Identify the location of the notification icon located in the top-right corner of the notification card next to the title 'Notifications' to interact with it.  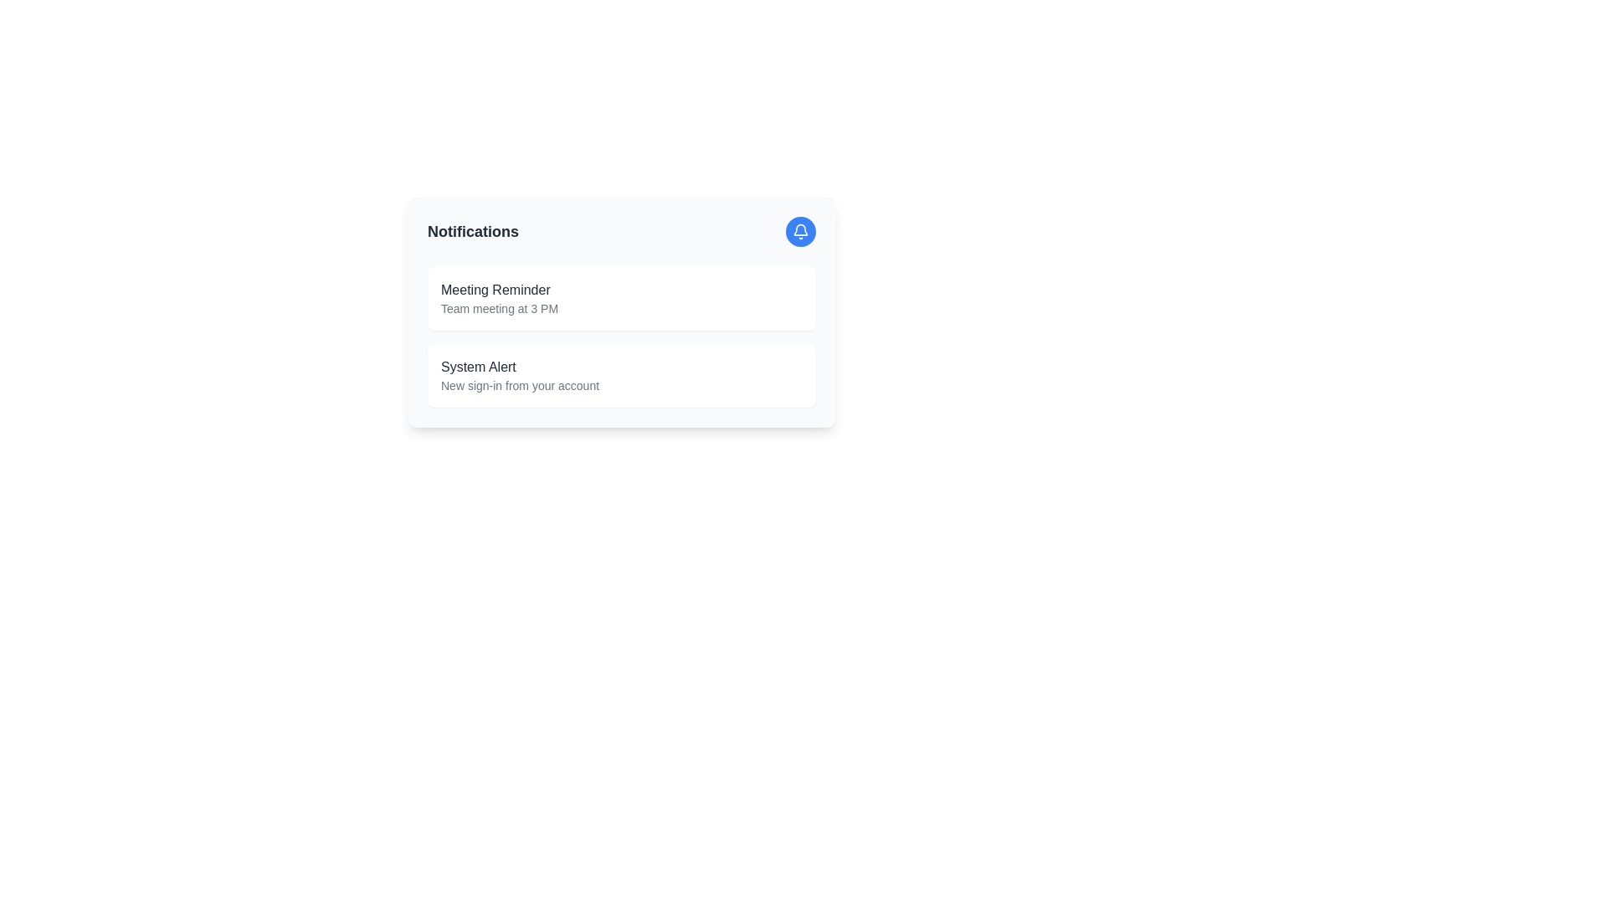
(799, 229).